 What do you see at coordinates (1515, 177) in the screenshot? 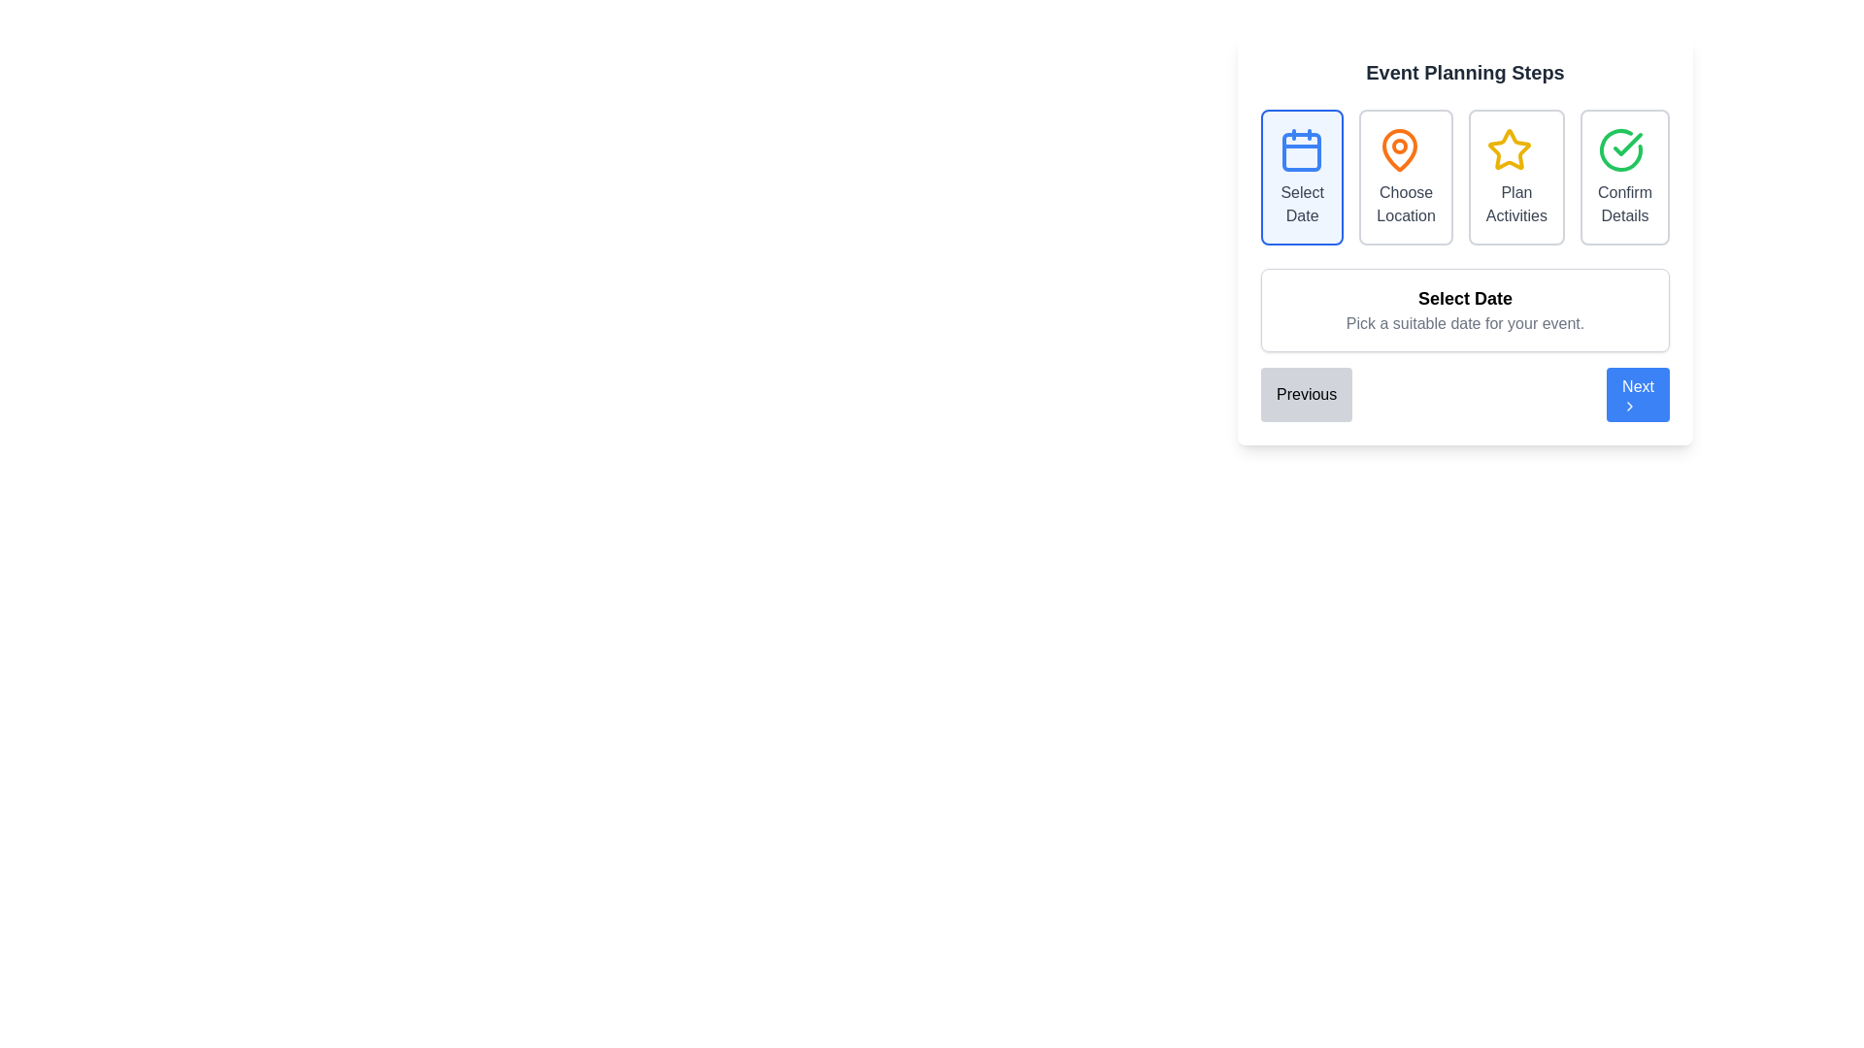
I see `'Plan Activities' informational card, which is the third card in a horizontal list of four cards, positioned between the 'Choose Location' and 'Confirm Details' cards` at bounding box center [1515, 177].